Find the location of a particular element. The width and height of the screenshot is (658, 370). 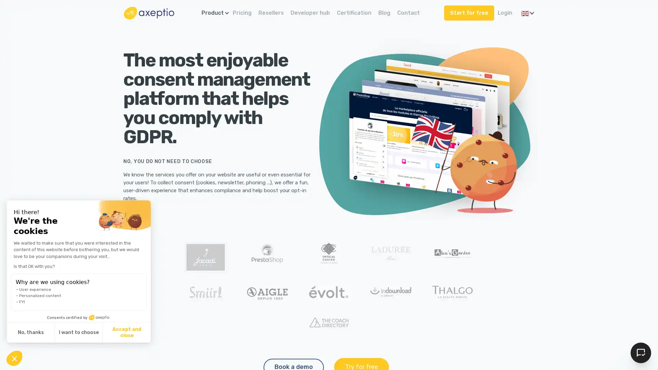

Accept and close is located at coordinates (126, 332).